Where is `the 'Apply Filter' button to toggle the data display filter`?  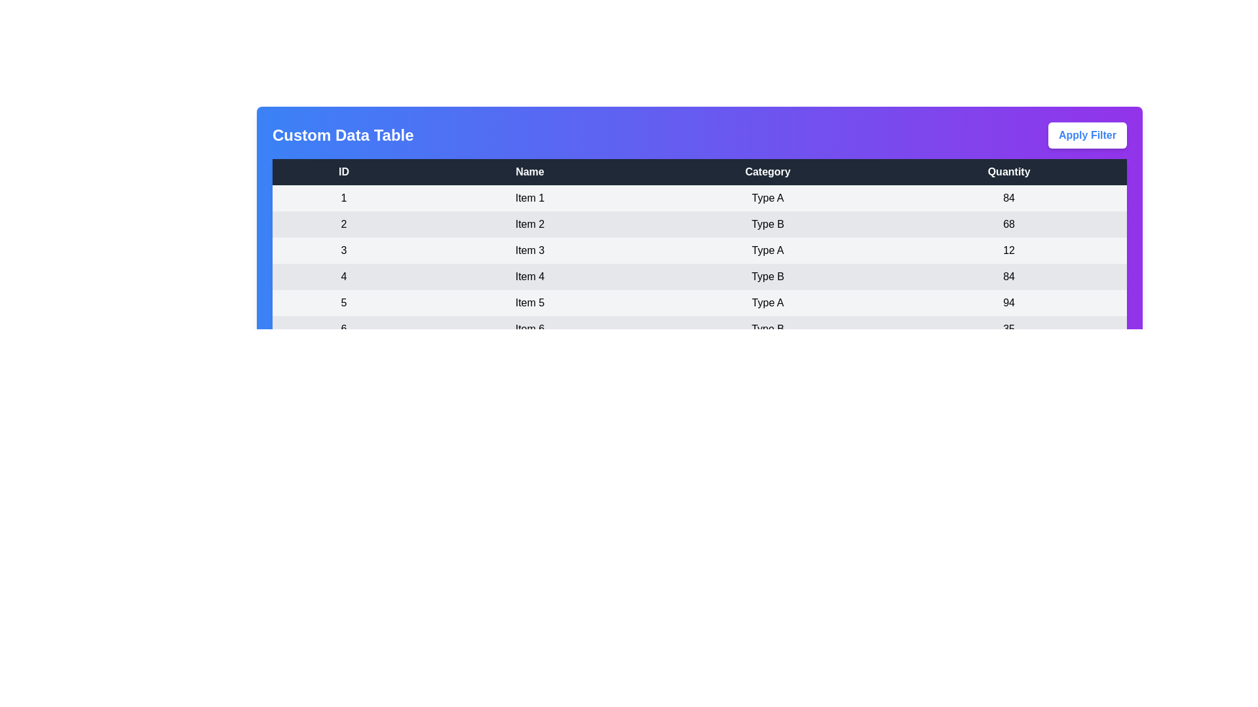
the 'Apply Filter' button to toggle the data display filter is located at coordinates (1088, 136).